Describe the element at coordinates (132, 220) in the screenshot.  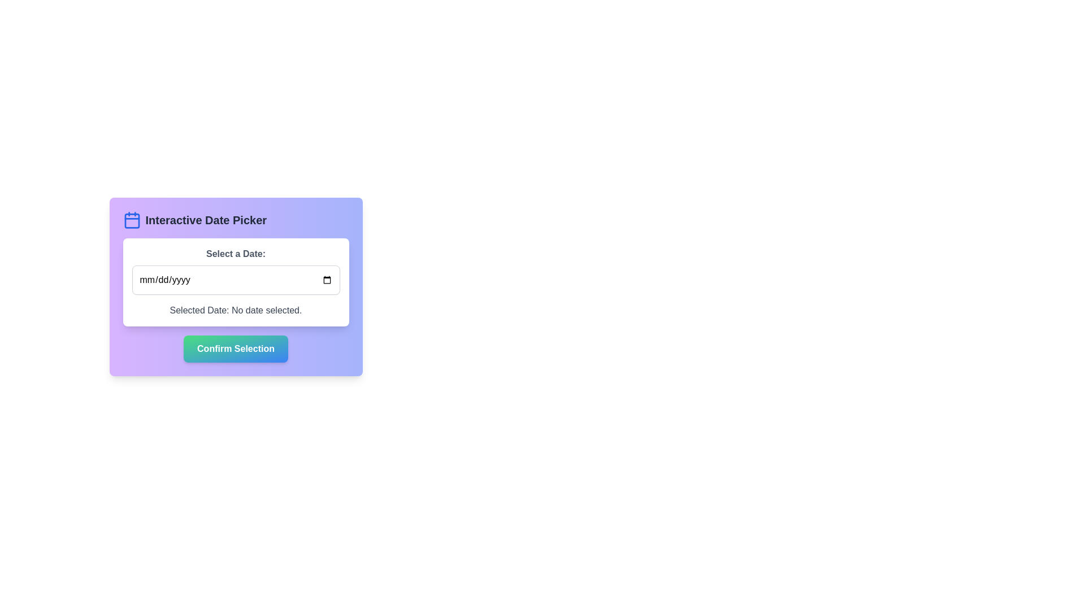
I see `the blue calendar icon, which is styled with a modern outline design and located to the left of the header text 'Interactive Date Picker' in a purple gradient box` at that location.